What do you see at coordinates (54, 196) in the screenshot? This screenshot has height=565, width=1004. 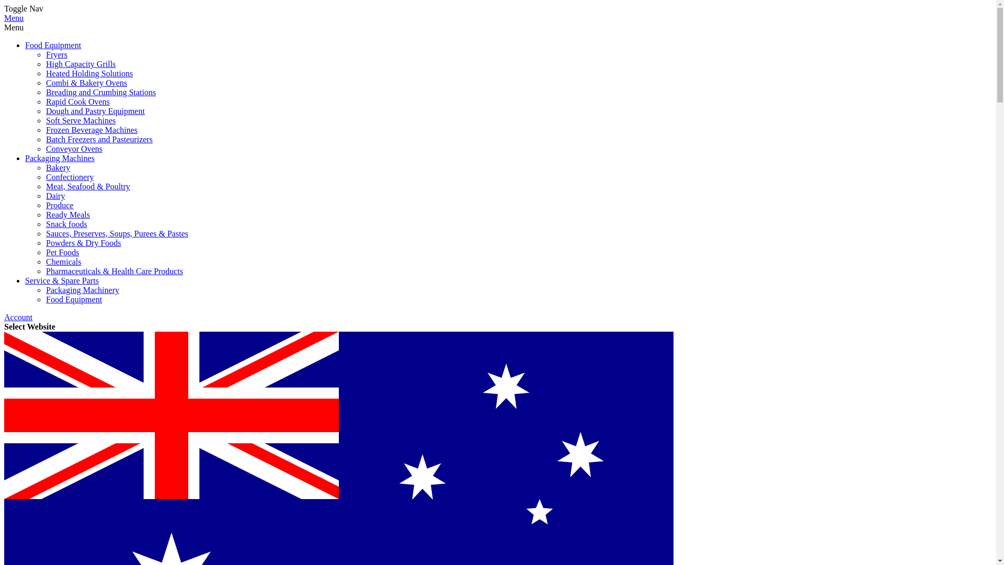 I see `'Dairy'` at bounding box center [54, 196].